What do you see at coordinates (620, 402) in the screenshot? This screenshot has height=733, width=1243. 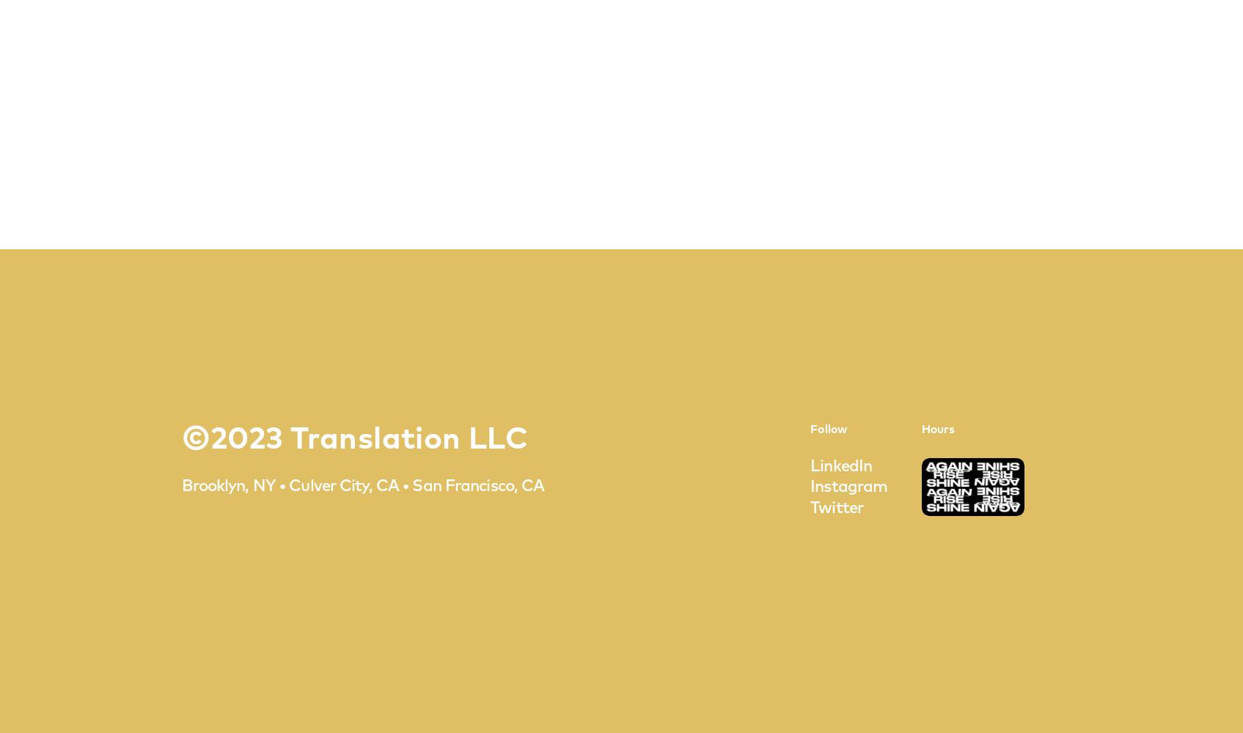 I see `'CONTACT US'` at bounding box center [620, 402].